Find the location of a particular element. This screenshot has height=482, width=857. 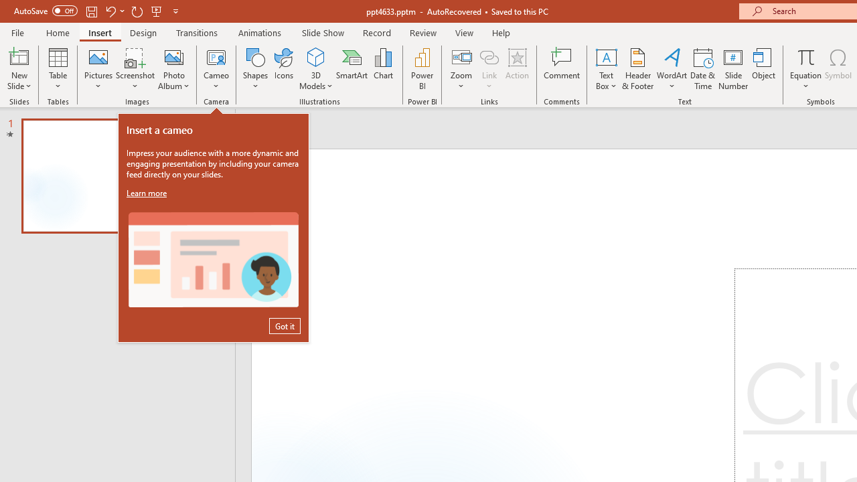

'Icons' is located at coordinates (283, 69).